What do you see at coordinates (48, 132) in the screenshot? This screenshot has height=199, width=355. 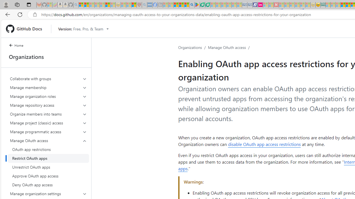 I see `'Manage programmatic access'` at bounding box center [48, 132].